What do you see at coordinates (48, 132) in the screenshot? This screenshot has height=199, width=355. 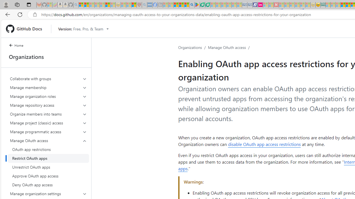 I see `'Manage programmatic access'` at bounding box center [48, 132].